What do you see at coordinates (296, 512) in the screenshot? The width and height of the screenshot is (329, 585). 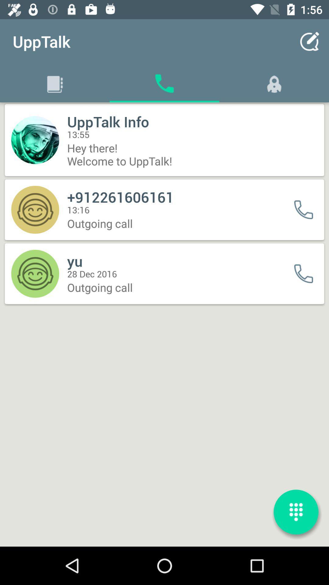 I see `button to show the phone number panel` at bounding box center [296, 512].